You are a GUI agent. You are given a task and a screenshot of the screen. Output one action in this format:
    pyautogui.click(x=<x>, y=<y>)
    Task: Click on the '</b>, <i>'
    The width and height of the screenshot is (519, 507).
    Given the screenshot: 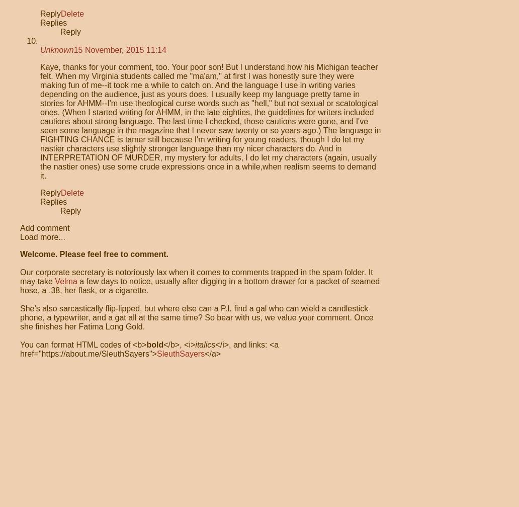 What is the action you would take?
    pyautogui.click(x=163, y=345)
    